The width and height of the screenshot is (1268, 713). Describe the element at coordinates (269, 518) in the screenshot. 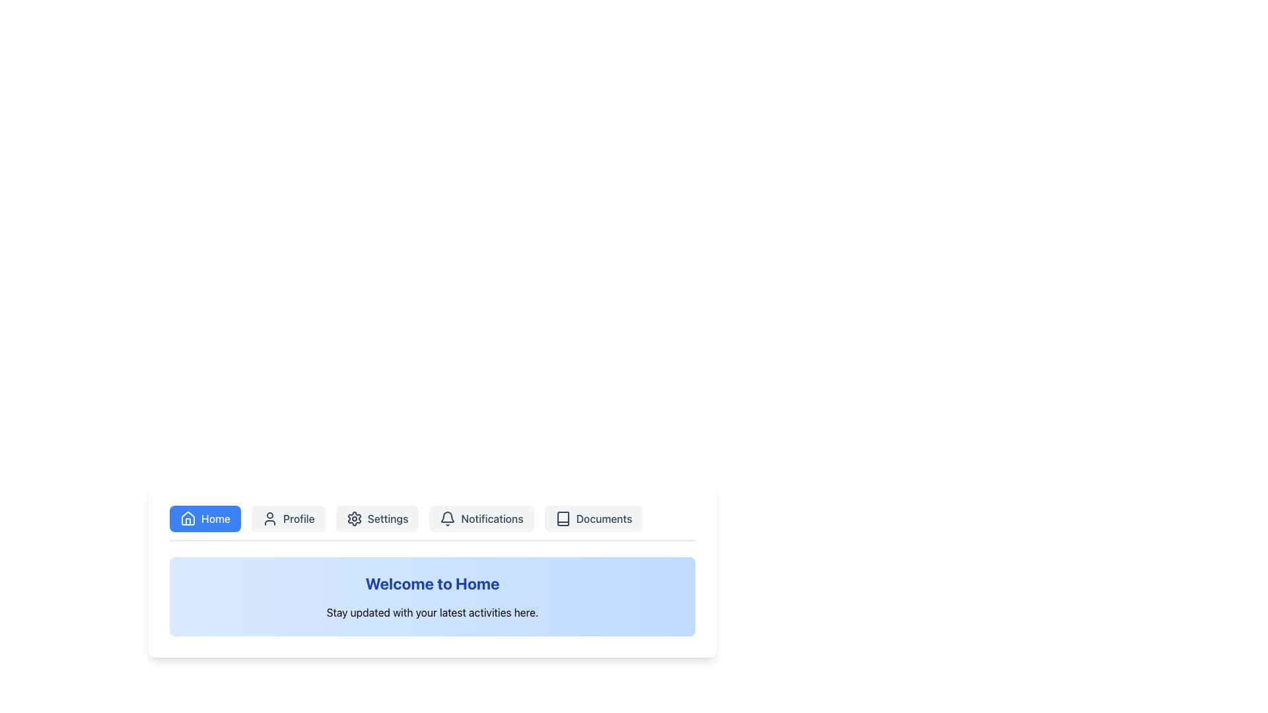

I see `the user profile icon located in the navigation bar` at that location.